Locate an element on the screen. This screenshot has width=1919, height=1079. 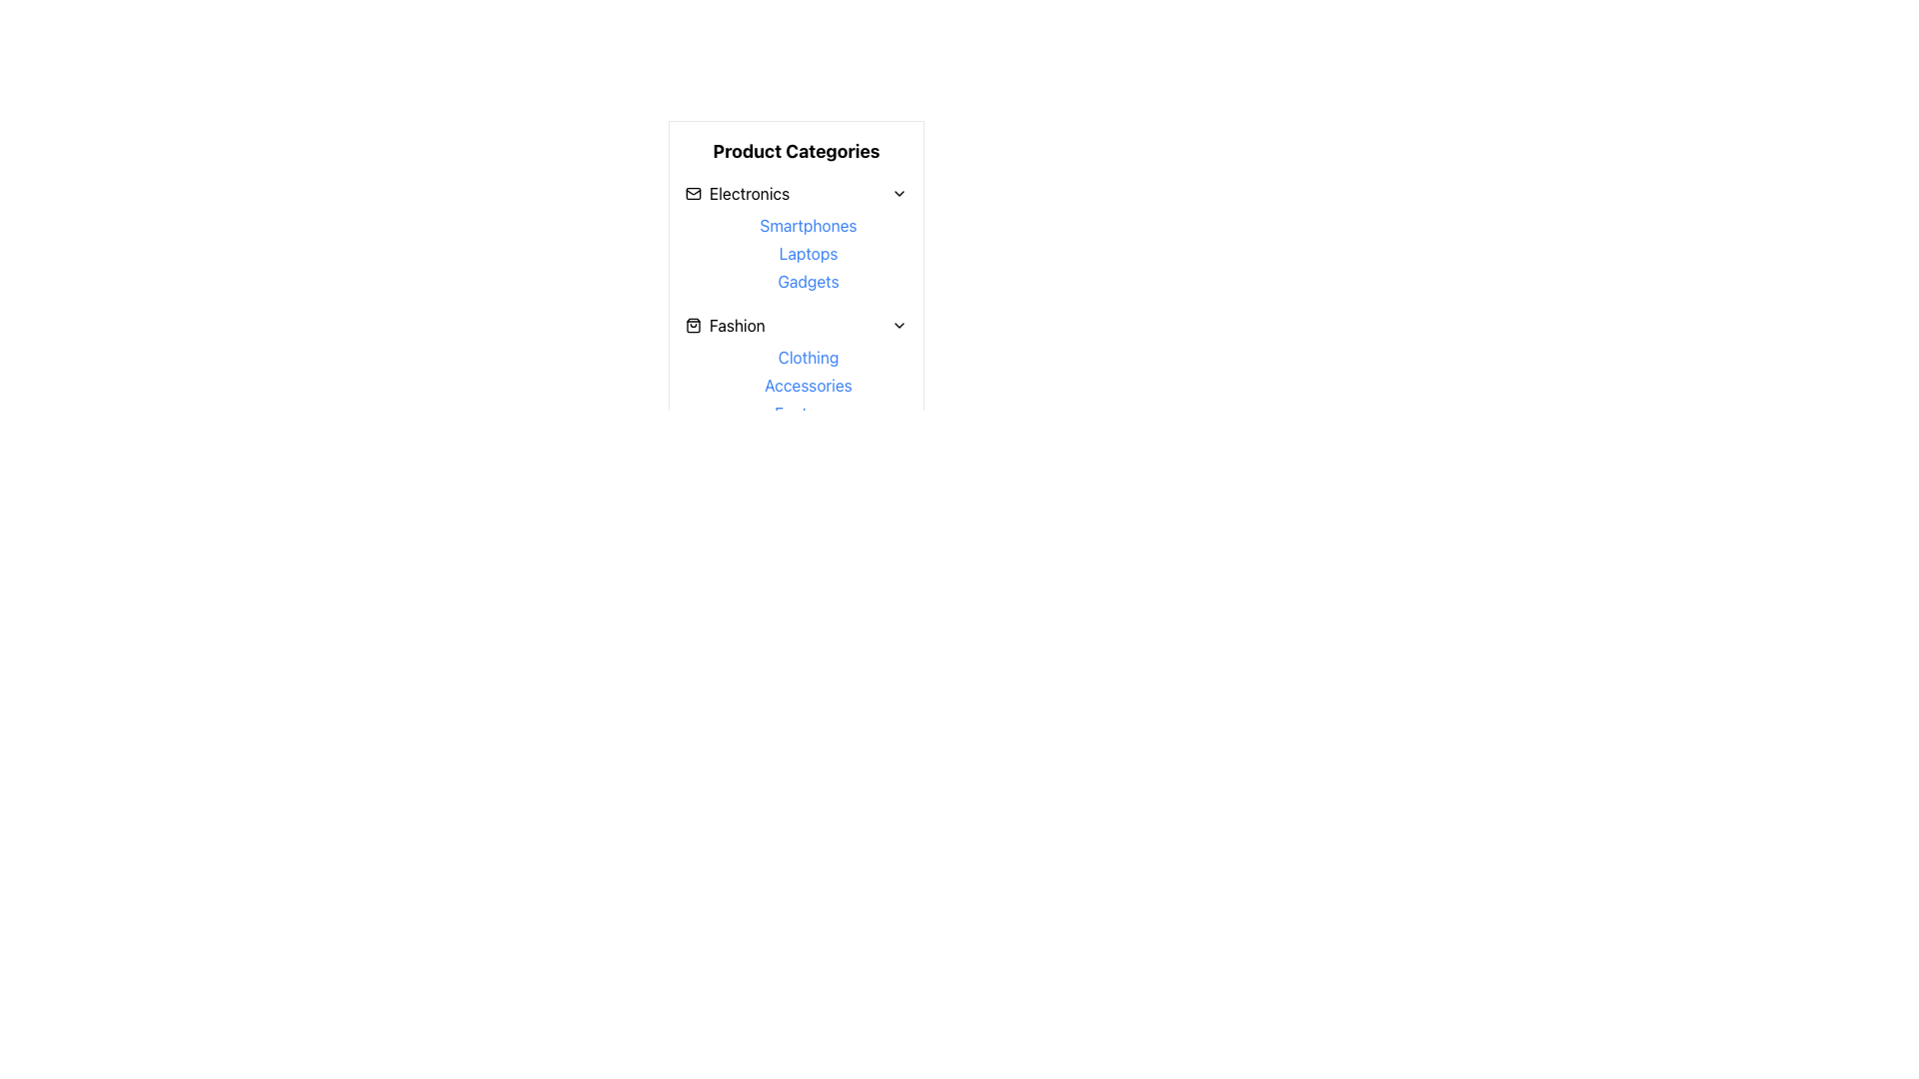
the 'Gadgets' link in the navigation list located in the 'Electronics' section of the 'Product Categories' panel is located at coordinates (809, 253).